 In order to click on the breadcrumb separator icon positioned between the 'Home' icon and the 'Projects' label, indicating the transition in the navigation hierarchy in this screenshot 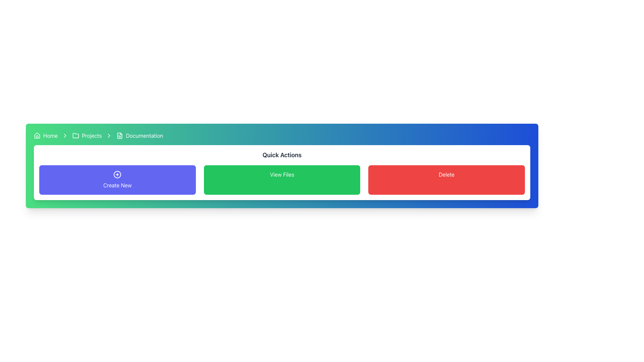, I will do `click(109, 136)`.